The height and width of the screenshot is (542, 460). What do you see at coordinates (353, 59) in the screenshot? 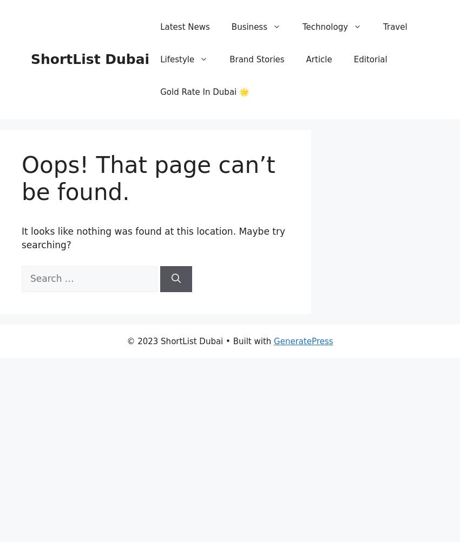
I see `'Editorial'` at bounding box center [353, 59].